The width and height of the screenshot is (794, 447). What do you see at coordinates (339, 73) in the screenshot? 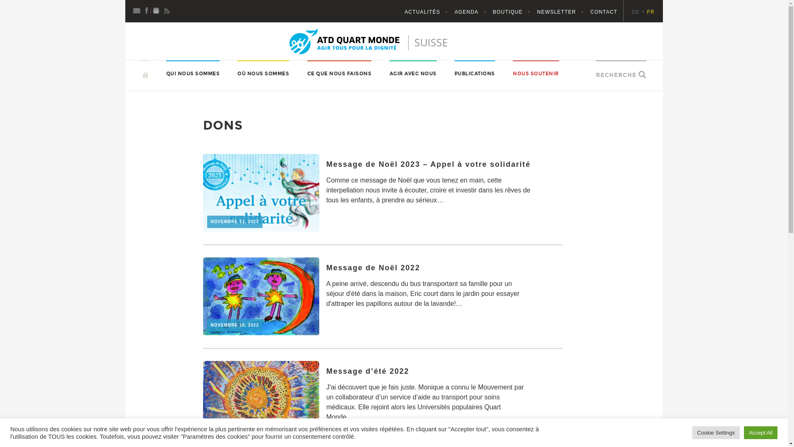
I see `'CE QUE NOUS FAISONS'` at bounding box center [339, 73].